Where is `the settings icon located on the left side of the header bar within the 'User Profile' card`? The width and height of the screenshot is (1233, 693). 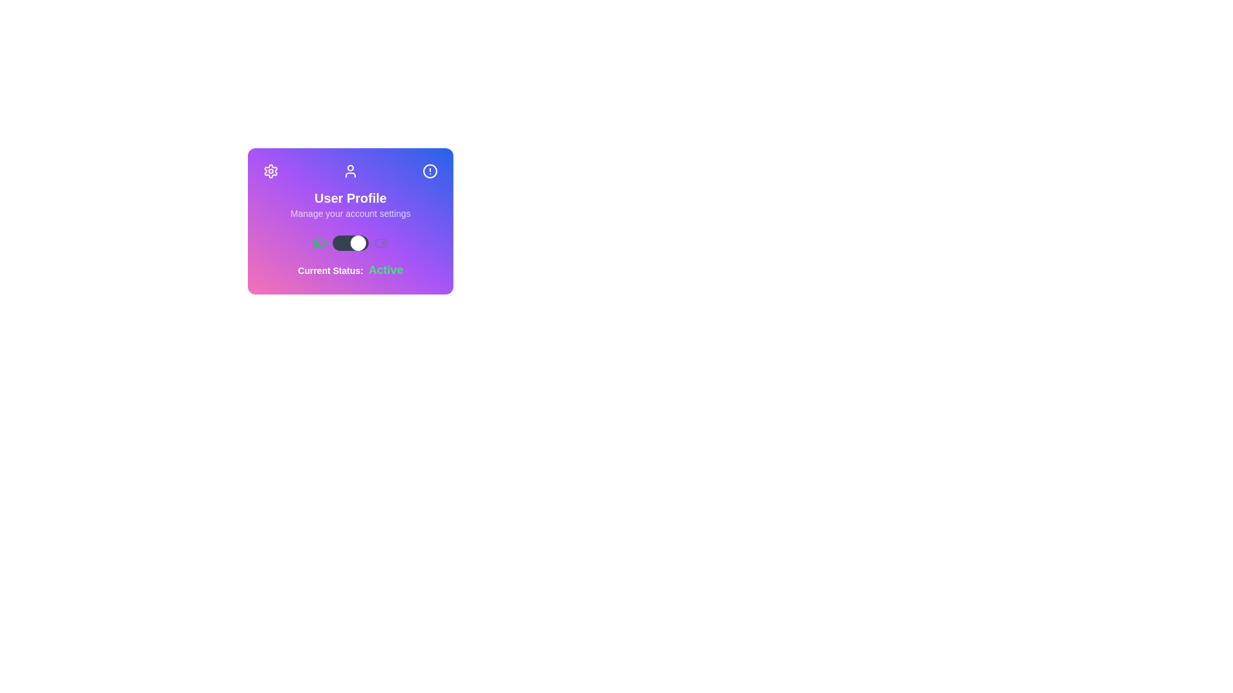
the settings icon located on the left side of the header bar within the 'User Profile' card is located at coordinates (270, 170).